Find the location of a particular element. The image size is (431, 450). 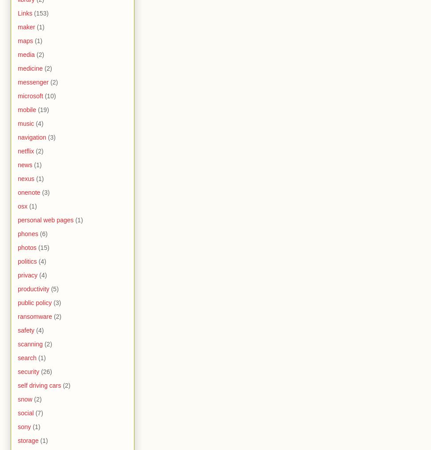

'(10)' is located at coordinates (50, 96).